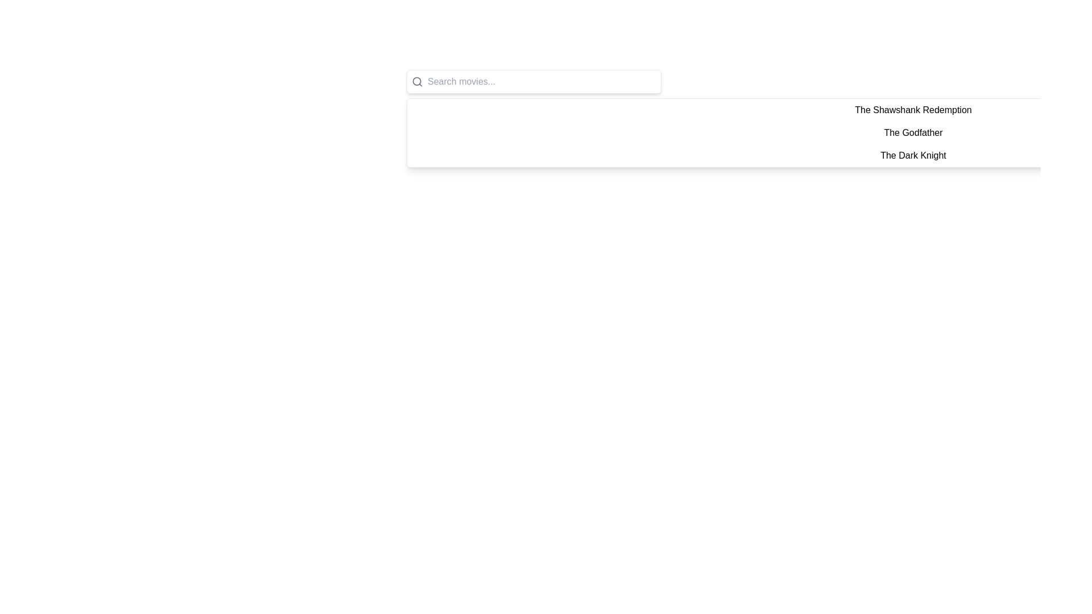  What do you see at coordinates (416, 81) in the screenshot?
I see `the circular part of the magnifying glass icon representing the search function, located near the top-left corner of the search bar interface` at bounding box center [416, 81].